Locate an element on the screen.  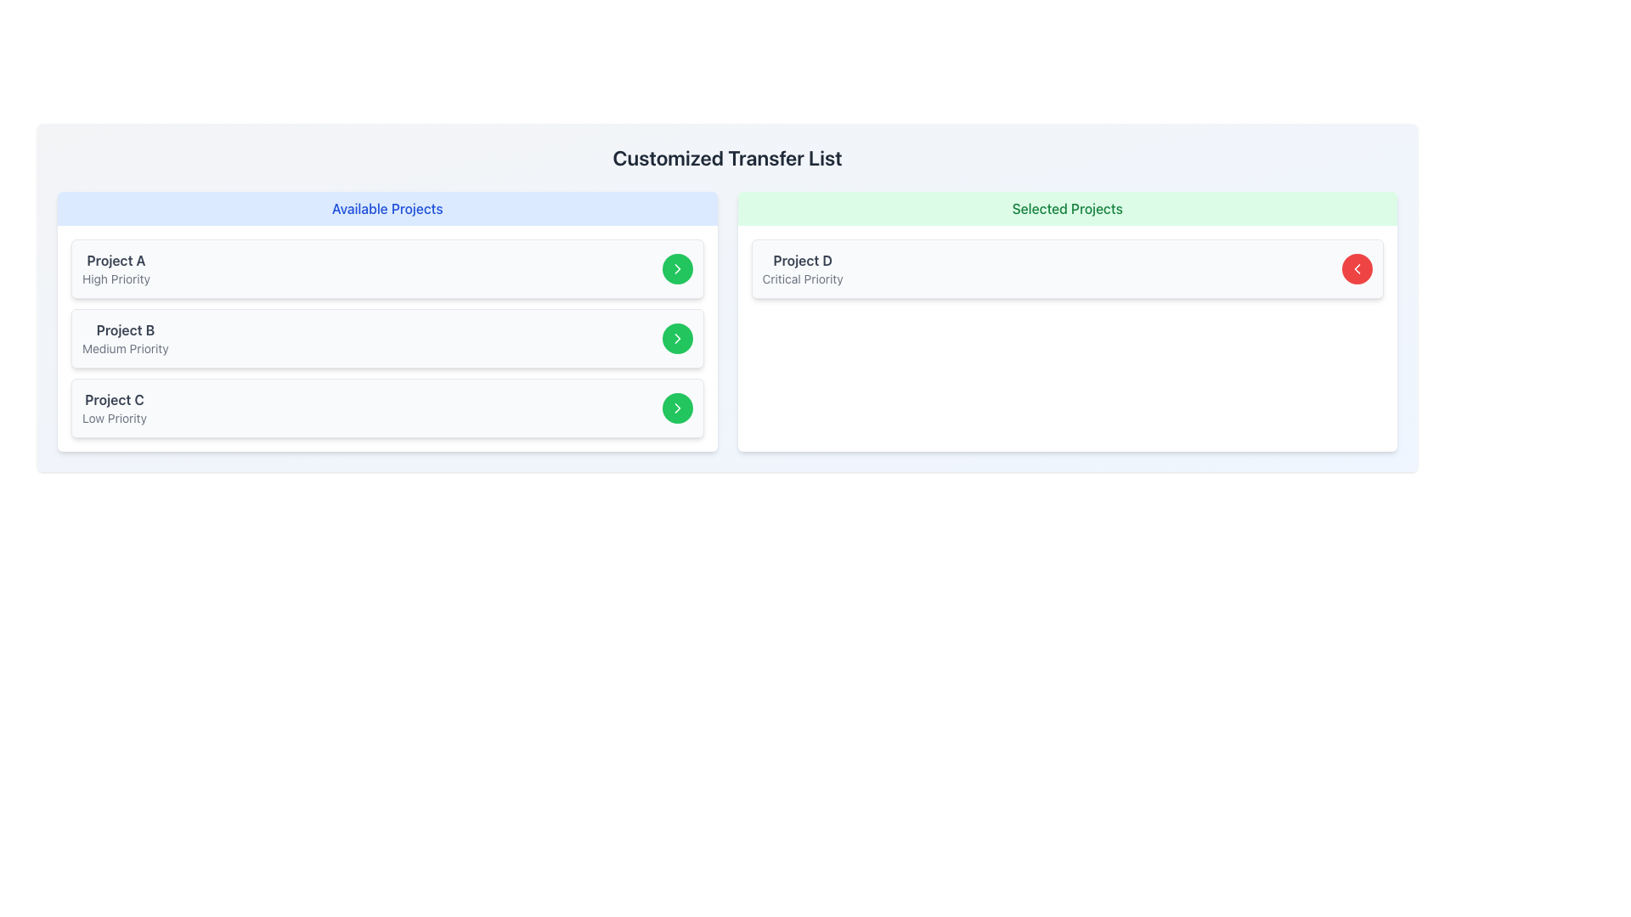
the green circular button with a right-pointing arrow icon adjacent to 'Project C (Low Priority)' is located at coordinates (676, 338).